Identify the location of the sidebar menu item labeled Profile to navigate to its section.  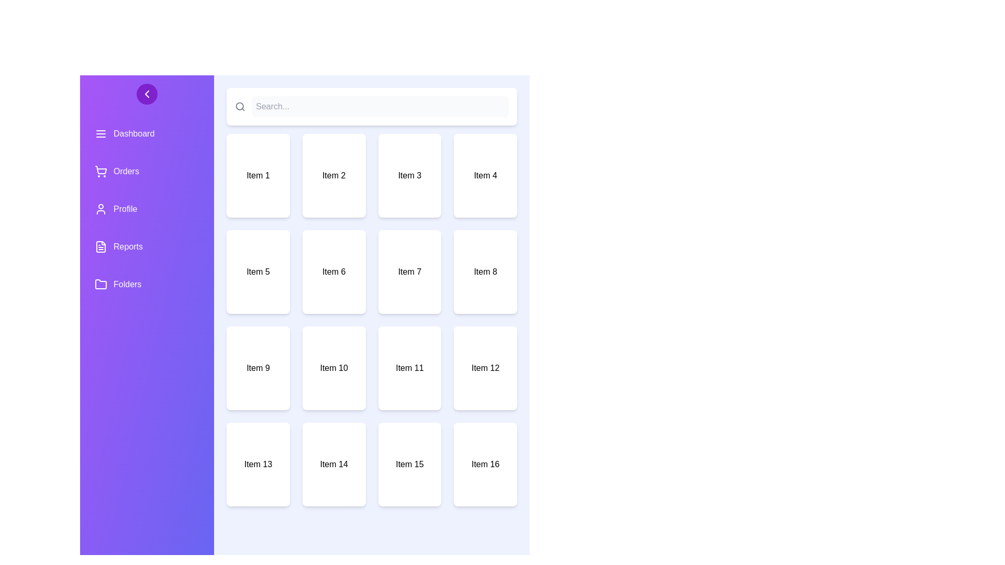
(147, 209).